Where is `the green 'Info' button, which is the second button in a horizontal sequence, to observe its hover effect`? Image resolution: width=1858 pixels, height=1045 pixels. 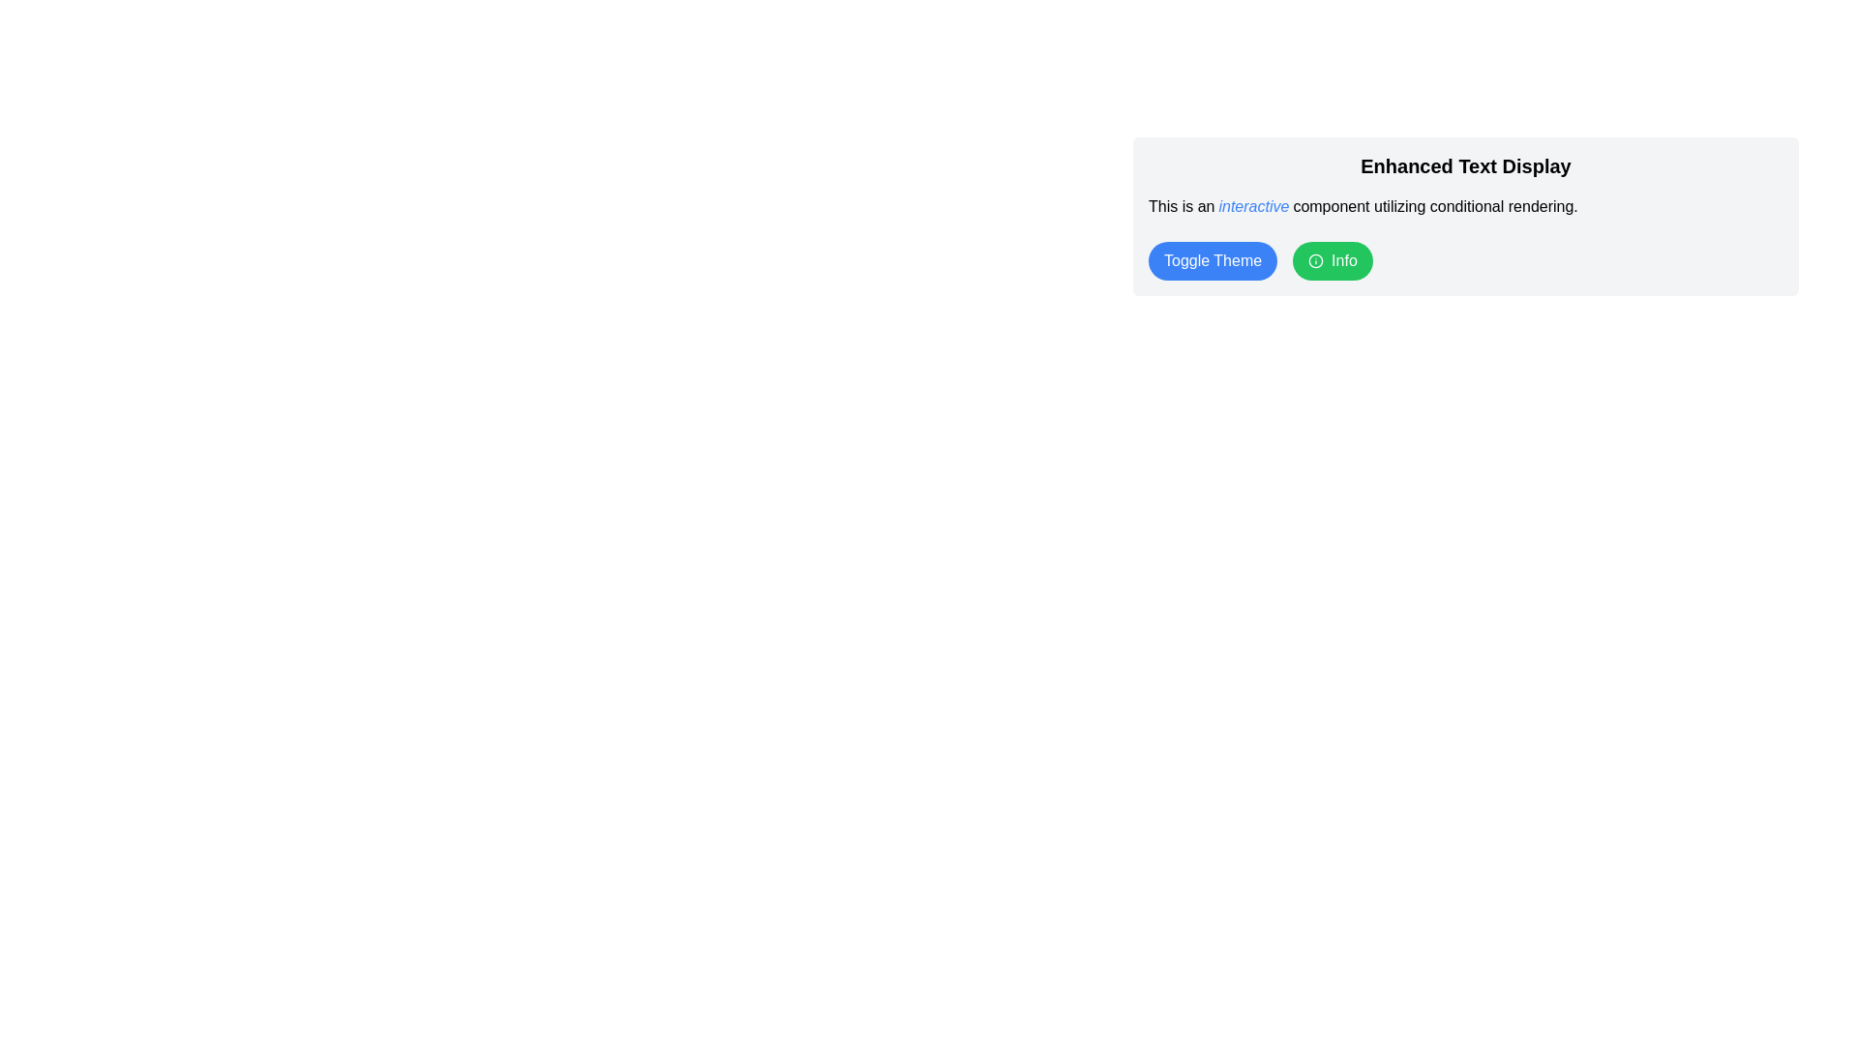
the green 'Info' button, which is the second button in a horizontal sequence, to observe its hover effect is located at coordinates (1332, 261).